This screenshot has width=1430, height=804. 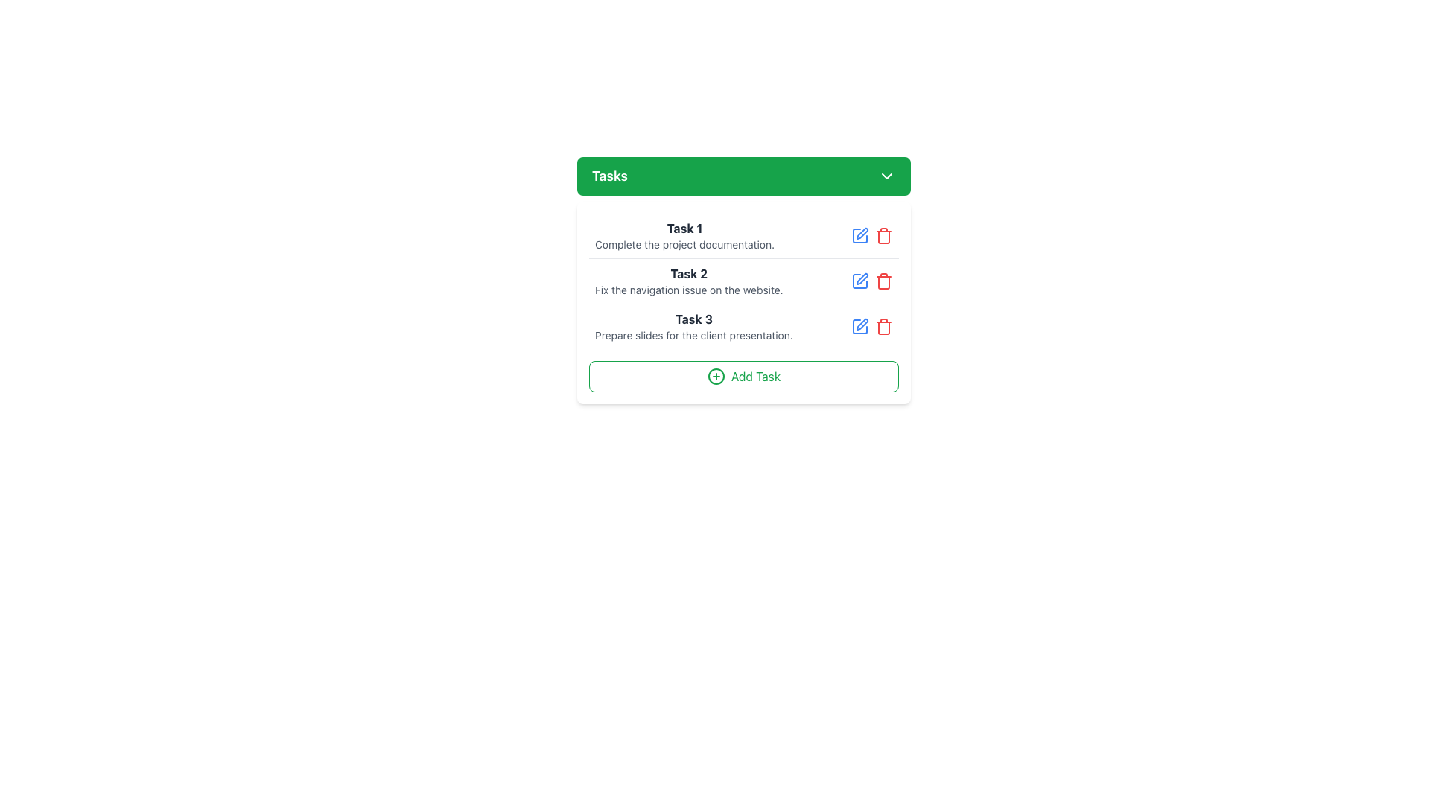 What do you see at coordinates (693, 326) in the screenshot?
I see `the third item` at bounding box center [693, 326].